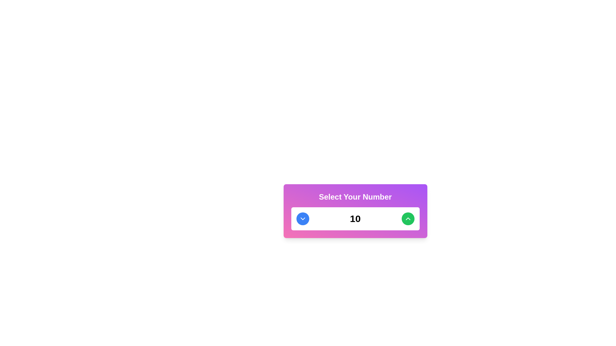  What do you see at coordinates (407, 218) in the screenshot?
I see `upward increment button icon located within a rounded green button on the right-hand side of the input area for accessibility purposes` at bounding box center [407, 218].